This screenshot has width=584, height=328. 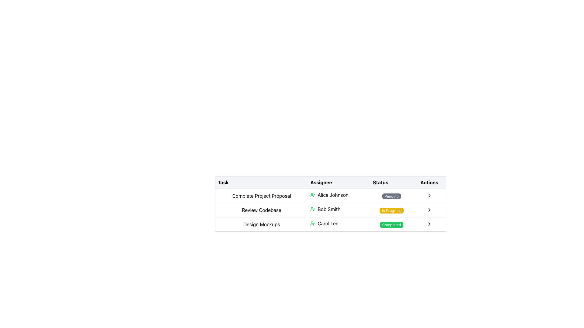 I want to click on the small, right-pointing arrow icon within the circular button in the 'Actions' column of the first row, which corresponds to the task 'Complete Project Proposal' assigned to 'Alice Johnson', so click(x=429, y=196).